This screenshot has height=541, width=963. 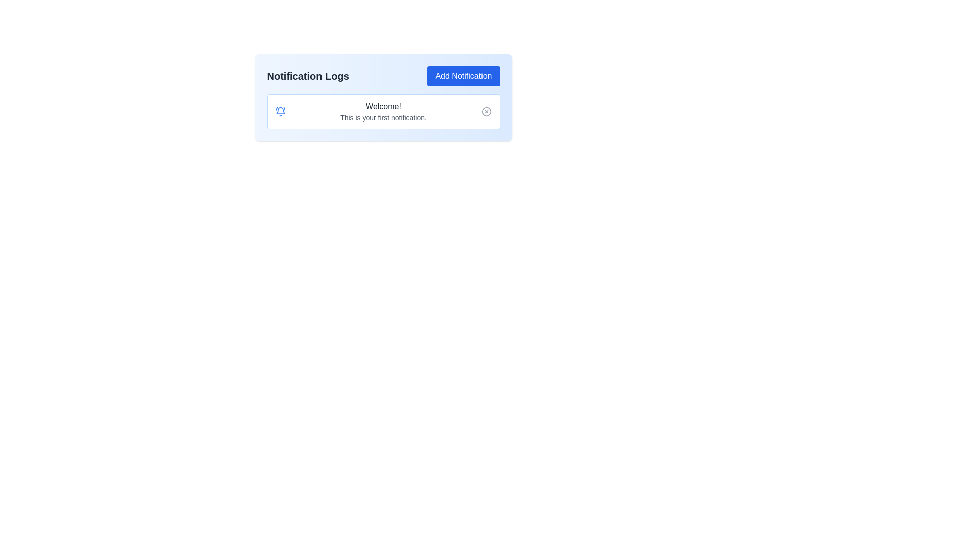 What do you see at coordinates (486, 112) in the screenshot?
I see `the circular element of the red 'X' icon next to the notification text 'Welcome! This is your first notification.'` at bounding box center [486, 112].